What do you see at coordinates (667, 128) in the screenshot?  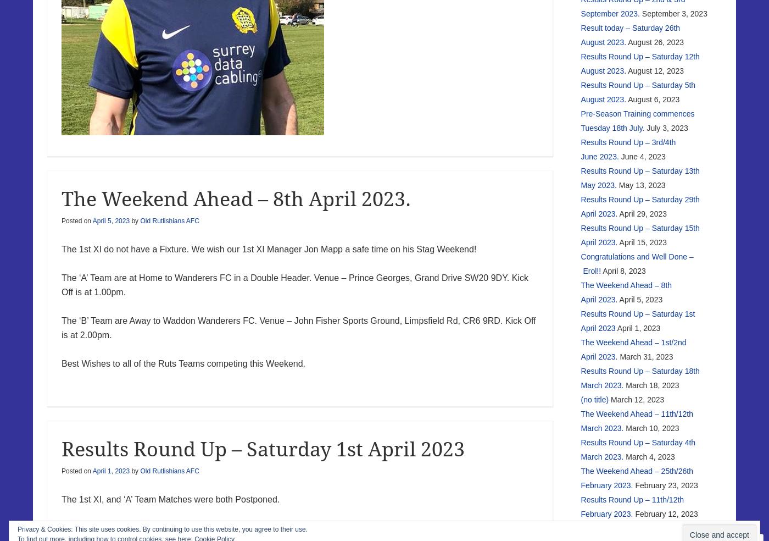 I see `'July 3, 2023'` at bounding box center [667, 128].